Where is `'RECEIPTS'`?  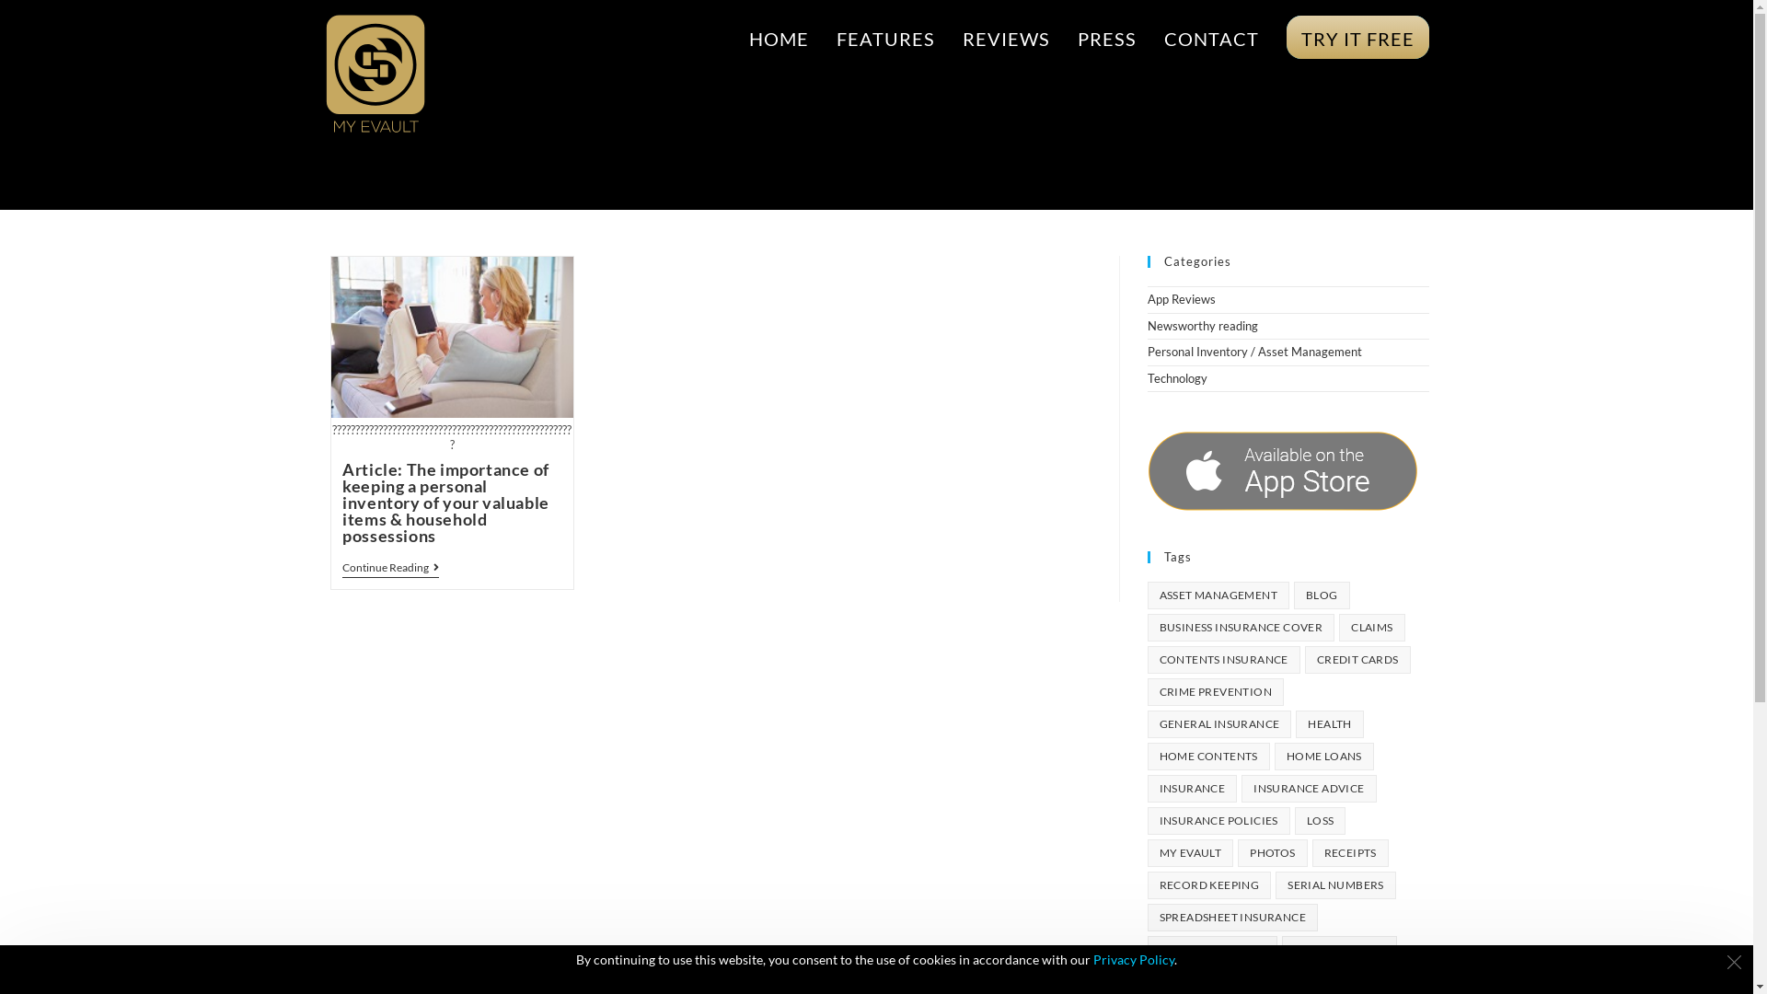 'RECEIPTS' is located at coordinates (1350, 852).